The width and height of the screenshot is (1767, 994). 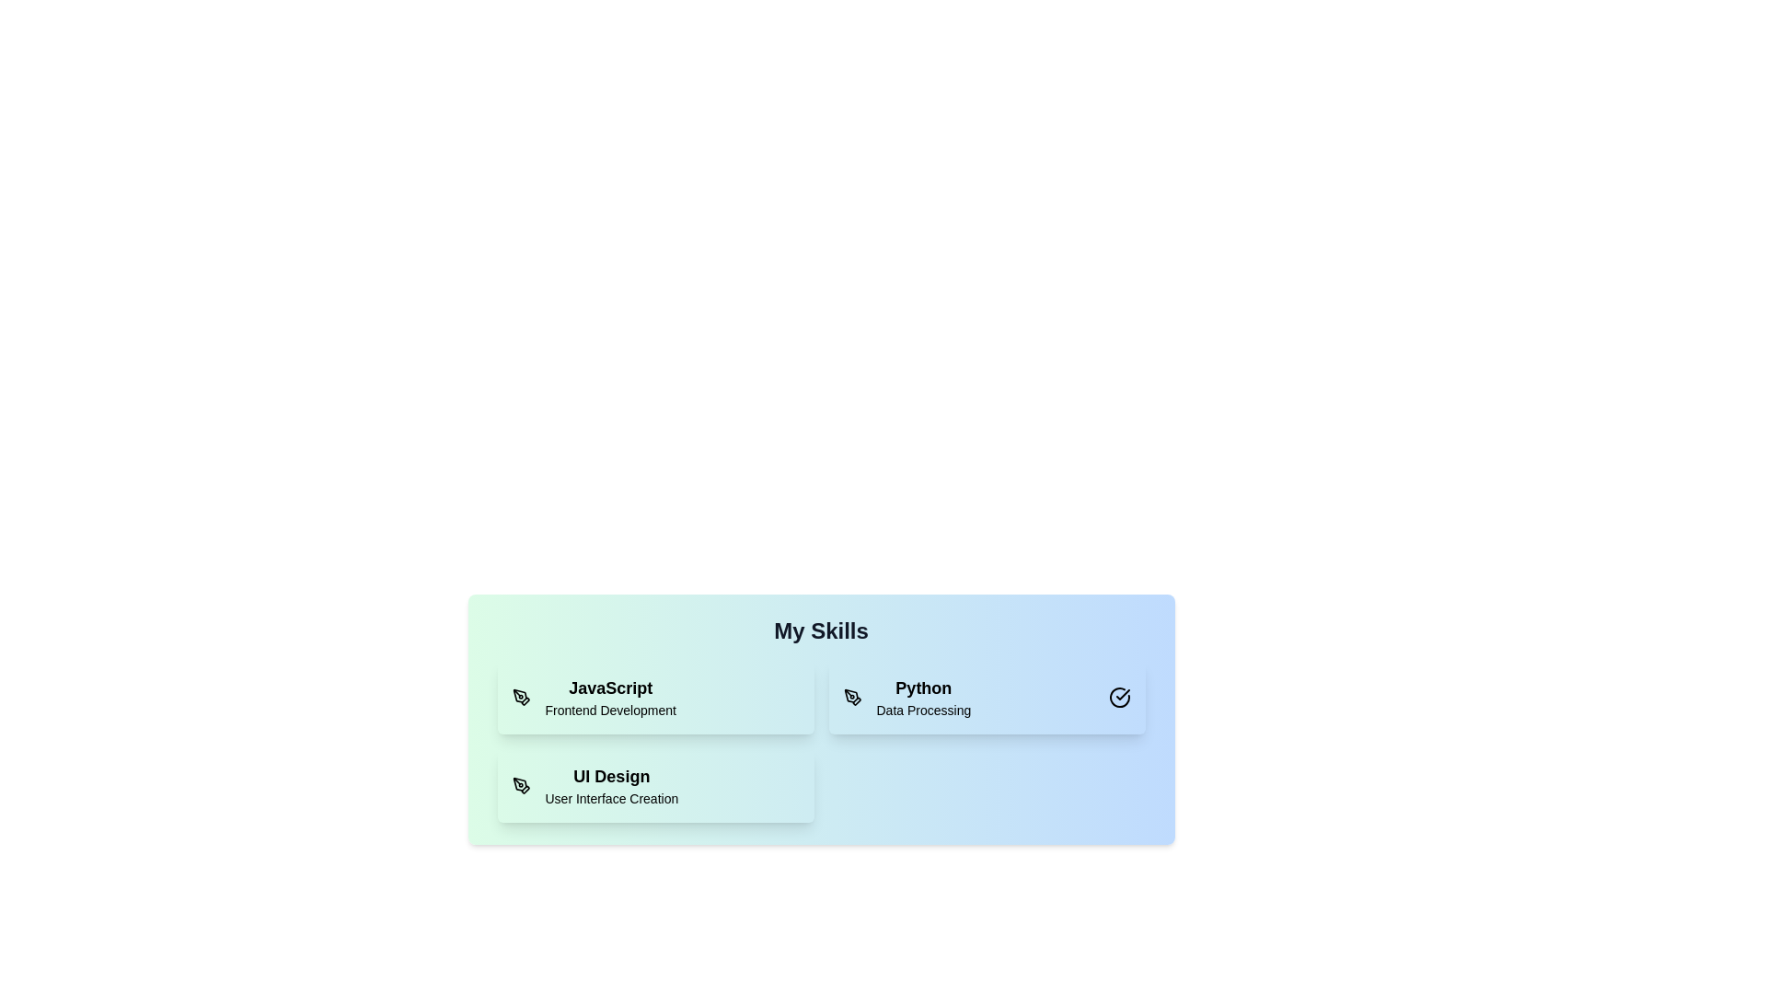 What do you see at coordinates (655, 785) in the screenshot?
I see `the skill card corresponding to UI Design to toggle its selection` at bounding box center [655, 785].